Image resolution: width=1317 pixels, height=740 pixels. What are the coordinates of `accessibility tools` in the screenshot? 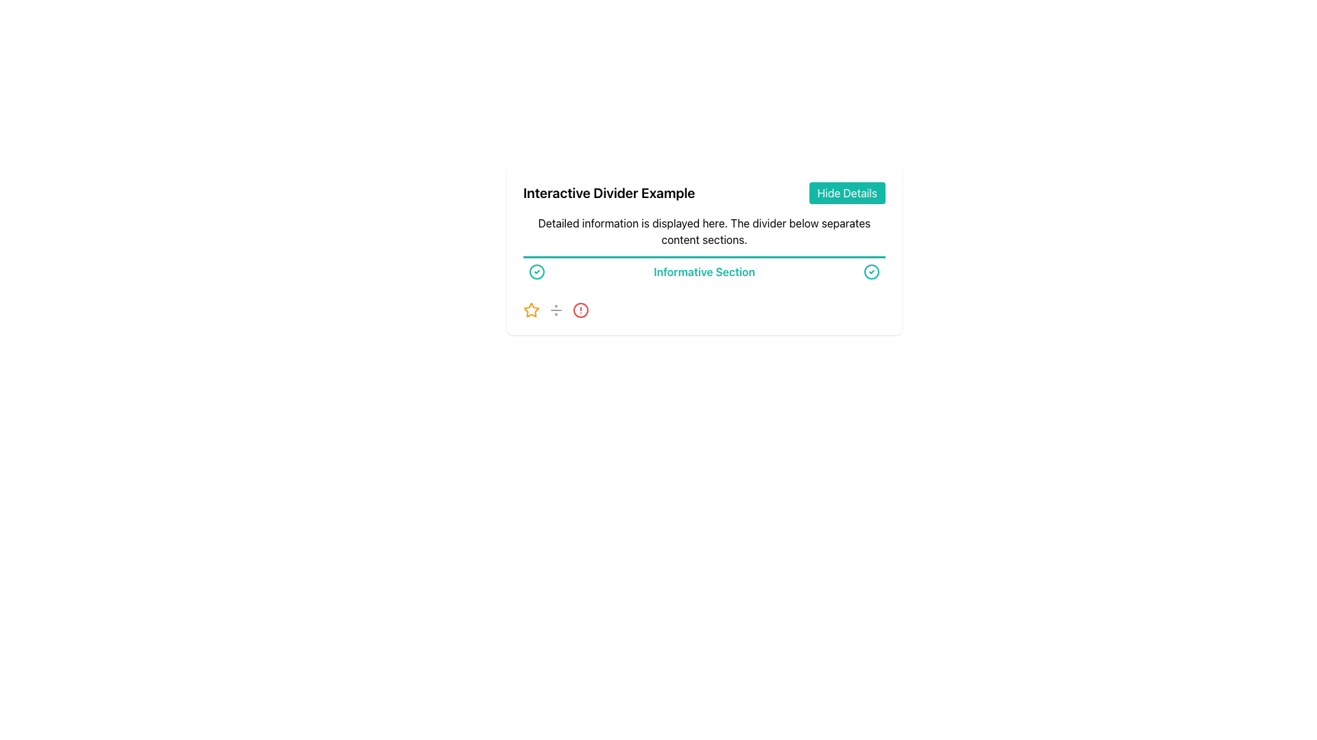 It's located at (580, 310).